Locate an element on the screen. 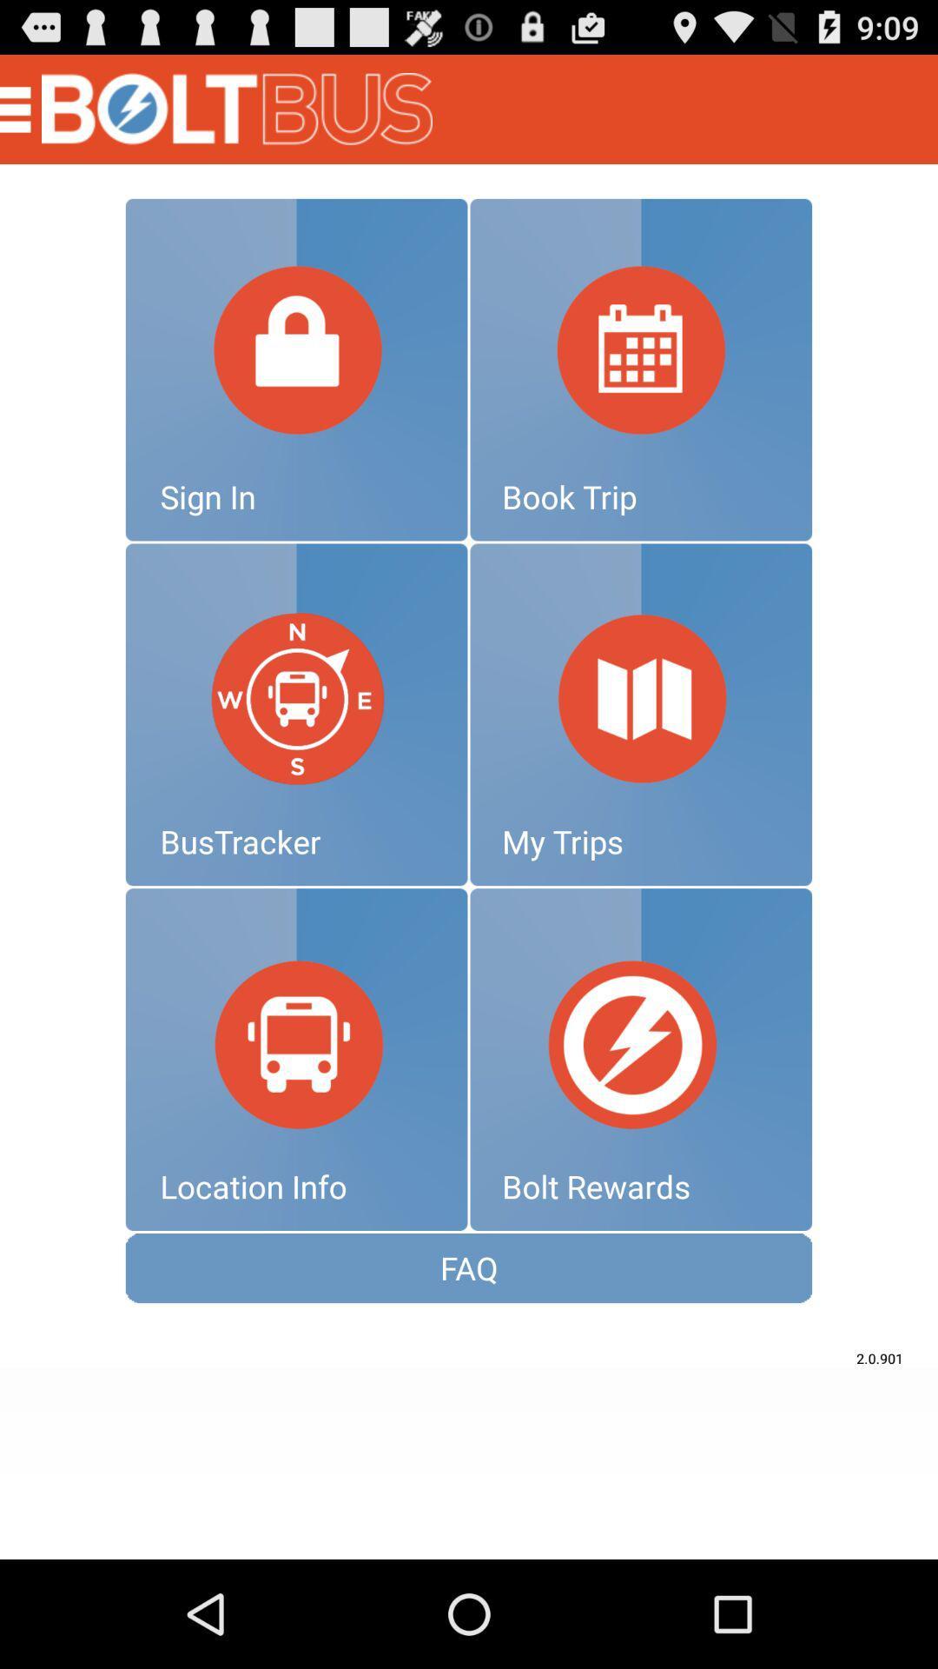  signin option is located at coordinates (295, 369).